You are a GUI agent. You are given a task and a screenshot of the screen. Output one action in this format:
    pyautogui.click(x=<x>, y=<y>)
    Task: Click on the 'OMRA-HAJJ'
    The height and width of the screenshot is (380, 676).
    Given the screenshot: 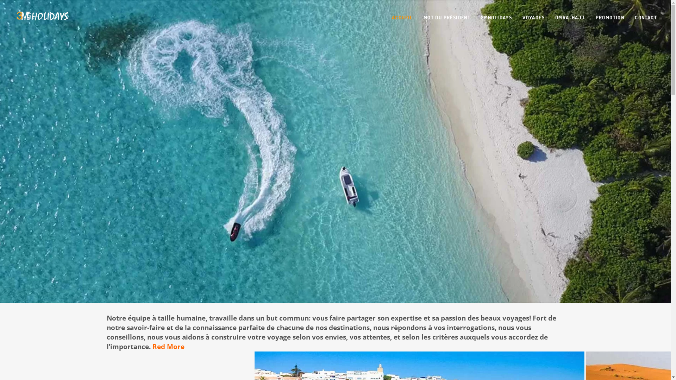 What is the action you would take?
    pyautogui.click(x=570, y=17)
    